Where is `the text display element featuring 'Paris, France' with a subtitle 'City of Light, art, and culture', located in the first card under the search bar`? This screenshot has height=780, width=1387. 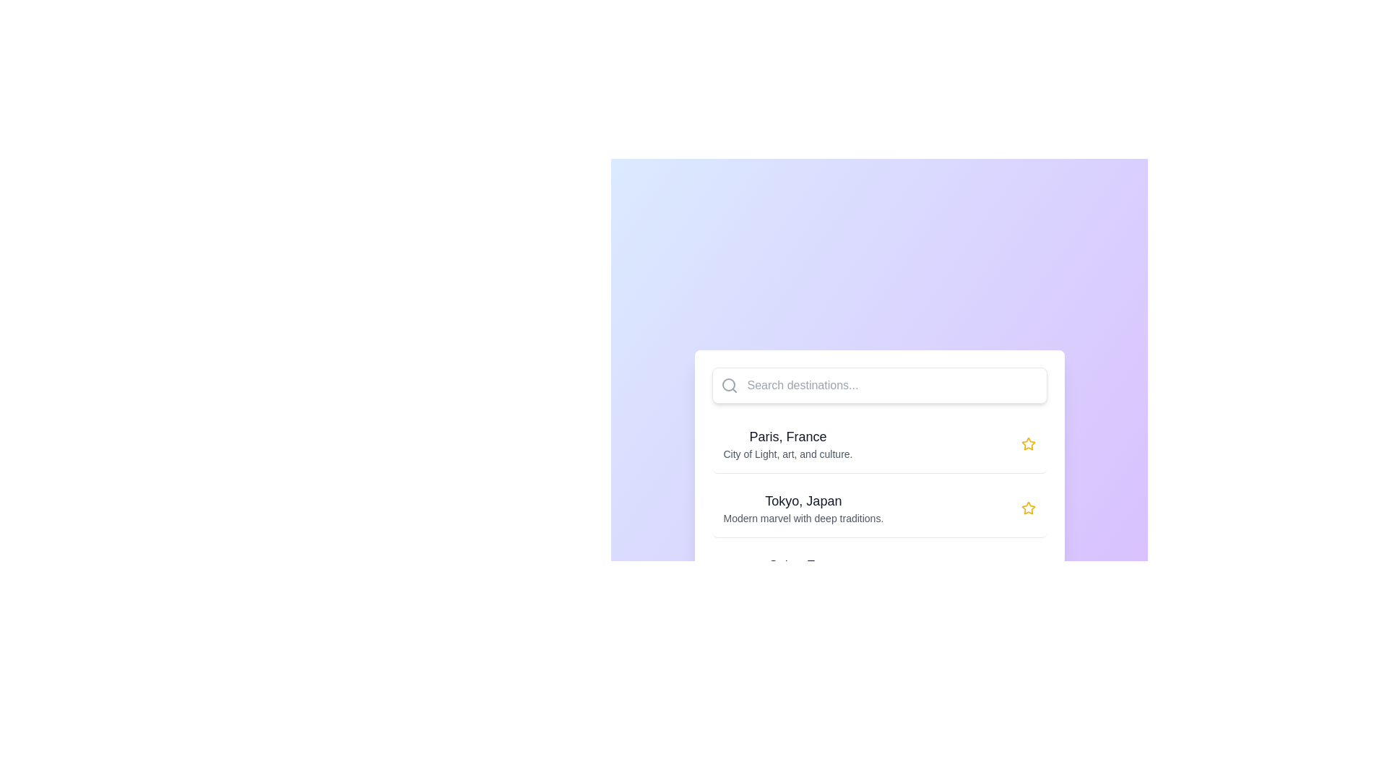 the text display element featuring 'Paris, France' with a subtitle 'City of Light, art, and culture', located in the first card under the search bar is located at coordinates (787, 443).